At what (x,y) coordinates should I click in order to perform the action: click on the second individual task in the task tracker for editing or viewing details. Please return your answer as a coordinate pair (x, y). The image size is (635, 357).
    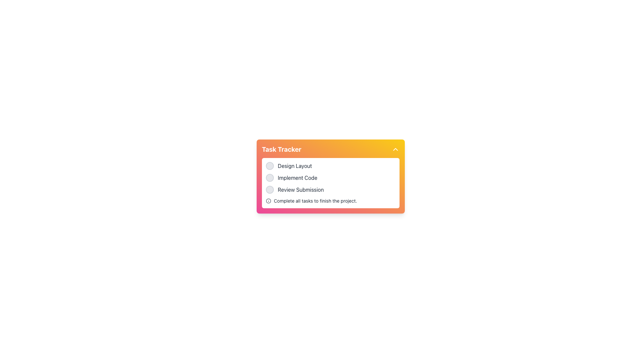
    Looking at the image, I should click on (330, 177).